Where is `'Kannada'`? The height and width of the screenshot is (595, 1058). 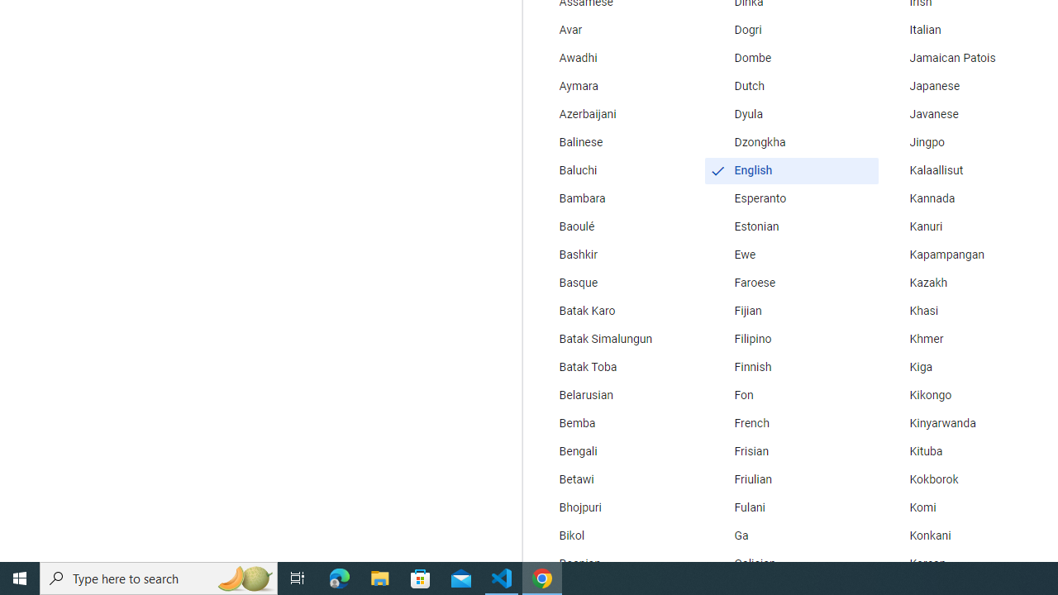 'Kannada' is located at coordinates (966, 198).